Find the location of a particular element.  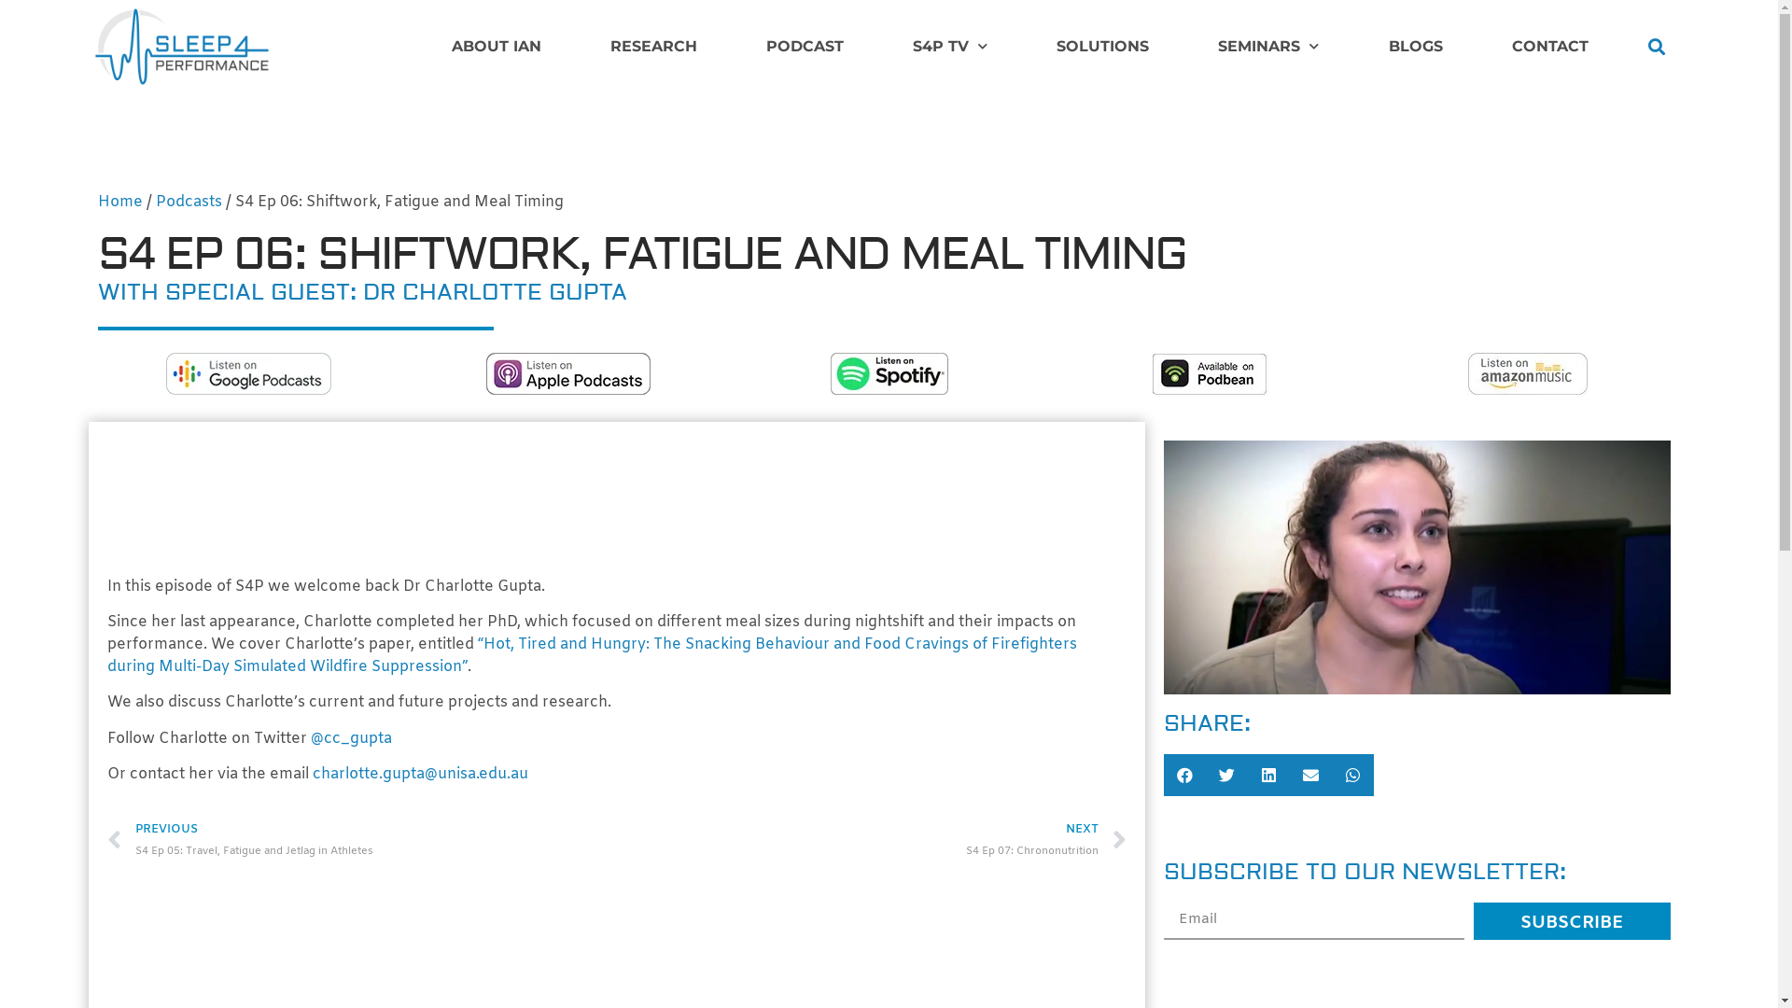

'ABOUT IAN' is located at coordinates (497, 46).